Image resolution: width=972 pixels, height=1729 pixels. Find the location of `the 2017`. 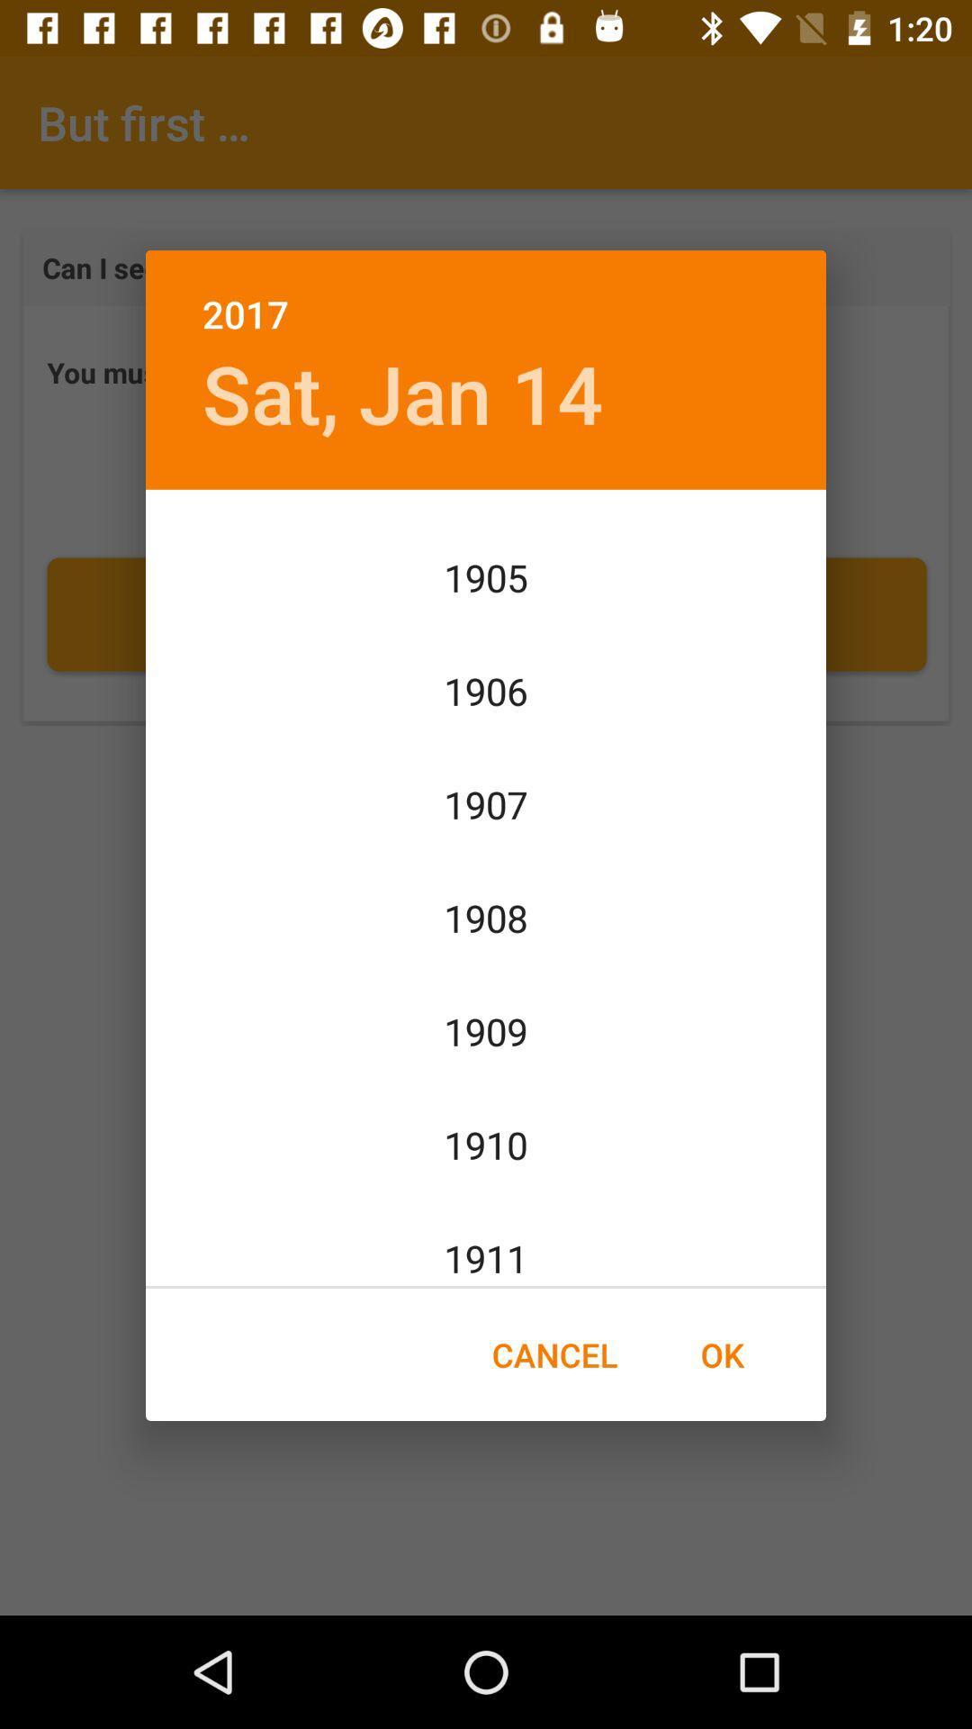

the 2017 is located at coordinates (486, 294).